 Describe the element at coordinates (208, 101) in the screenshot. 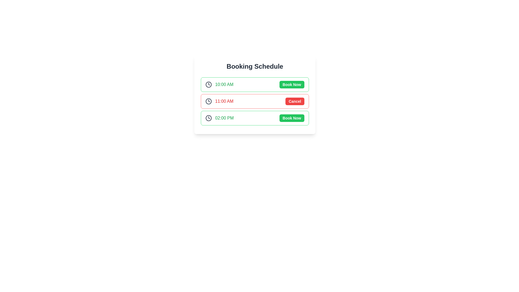

I see `the circular clock icon with a gray outline located in the second row of the booking schedule, adjacent to the '11:00 AM' text` at that location.